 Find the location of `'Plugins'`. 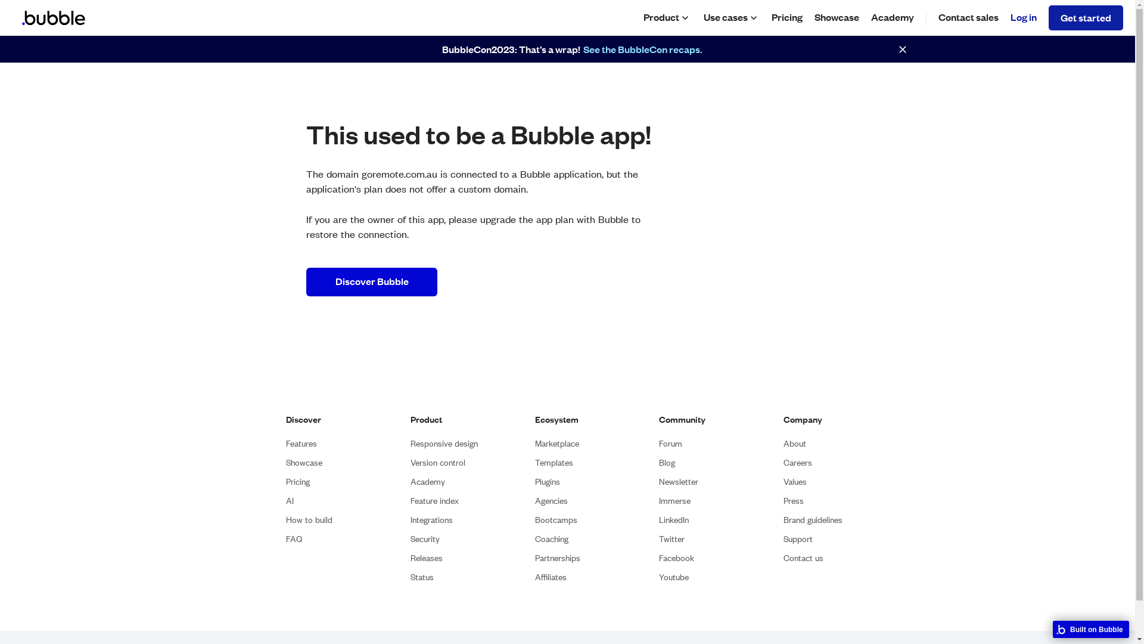

'Plugins' is located at coordinates (546, 481).